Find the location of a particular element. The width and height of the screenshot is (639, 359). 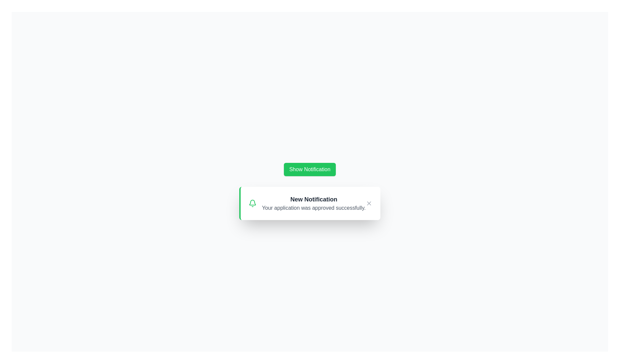

text notification displaying 'Your application was approved successfully.' which is located beneath the title 'New Notification' in the notification area is located at coordinates (313, 207).